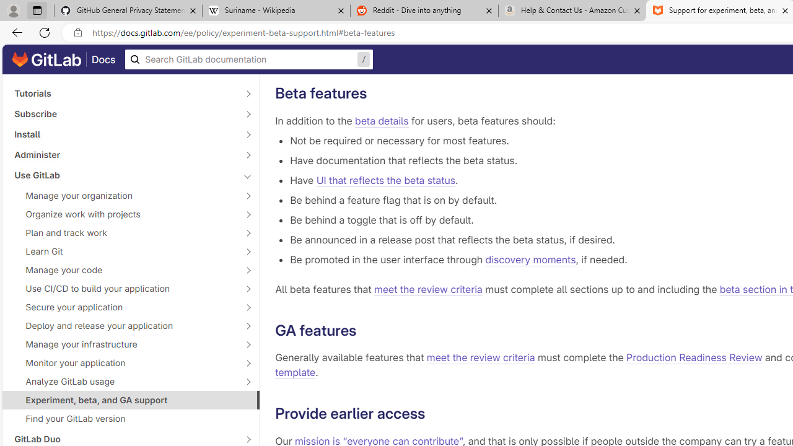 The image size is (793, 446). Describe the element at coordinates (124, 288) in the screenshot. I see `'Use CI/CD to build your application'` at that location.